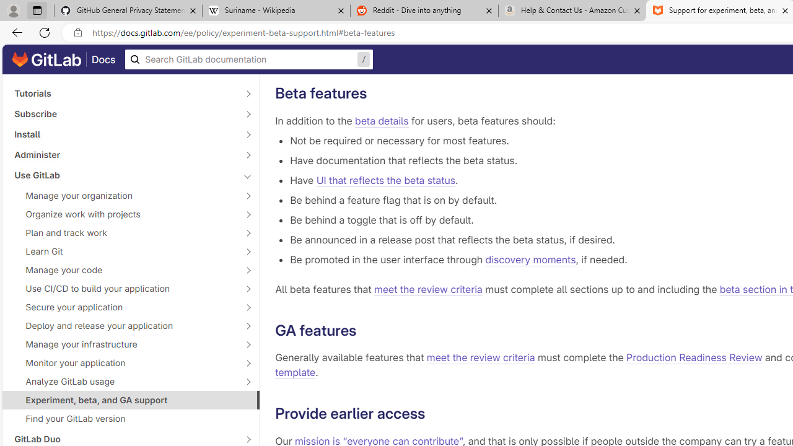 The image size is (793, 446). Describe the element at coordinates (124, 288) in the screenshot. I see `'Use CI/CD to build your application'` at that location.